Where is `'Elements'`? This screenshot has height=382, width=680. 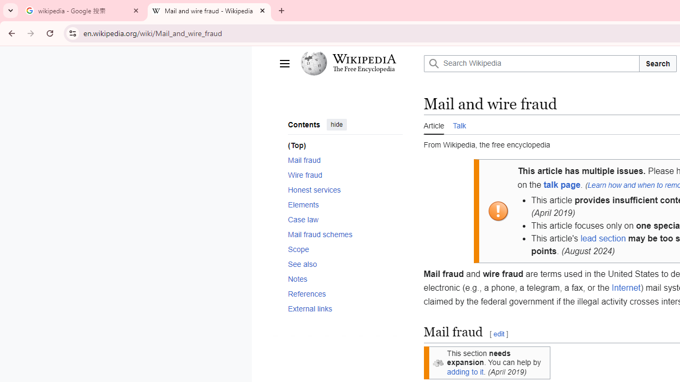
'Elements' is located at coordinates (345, 204).